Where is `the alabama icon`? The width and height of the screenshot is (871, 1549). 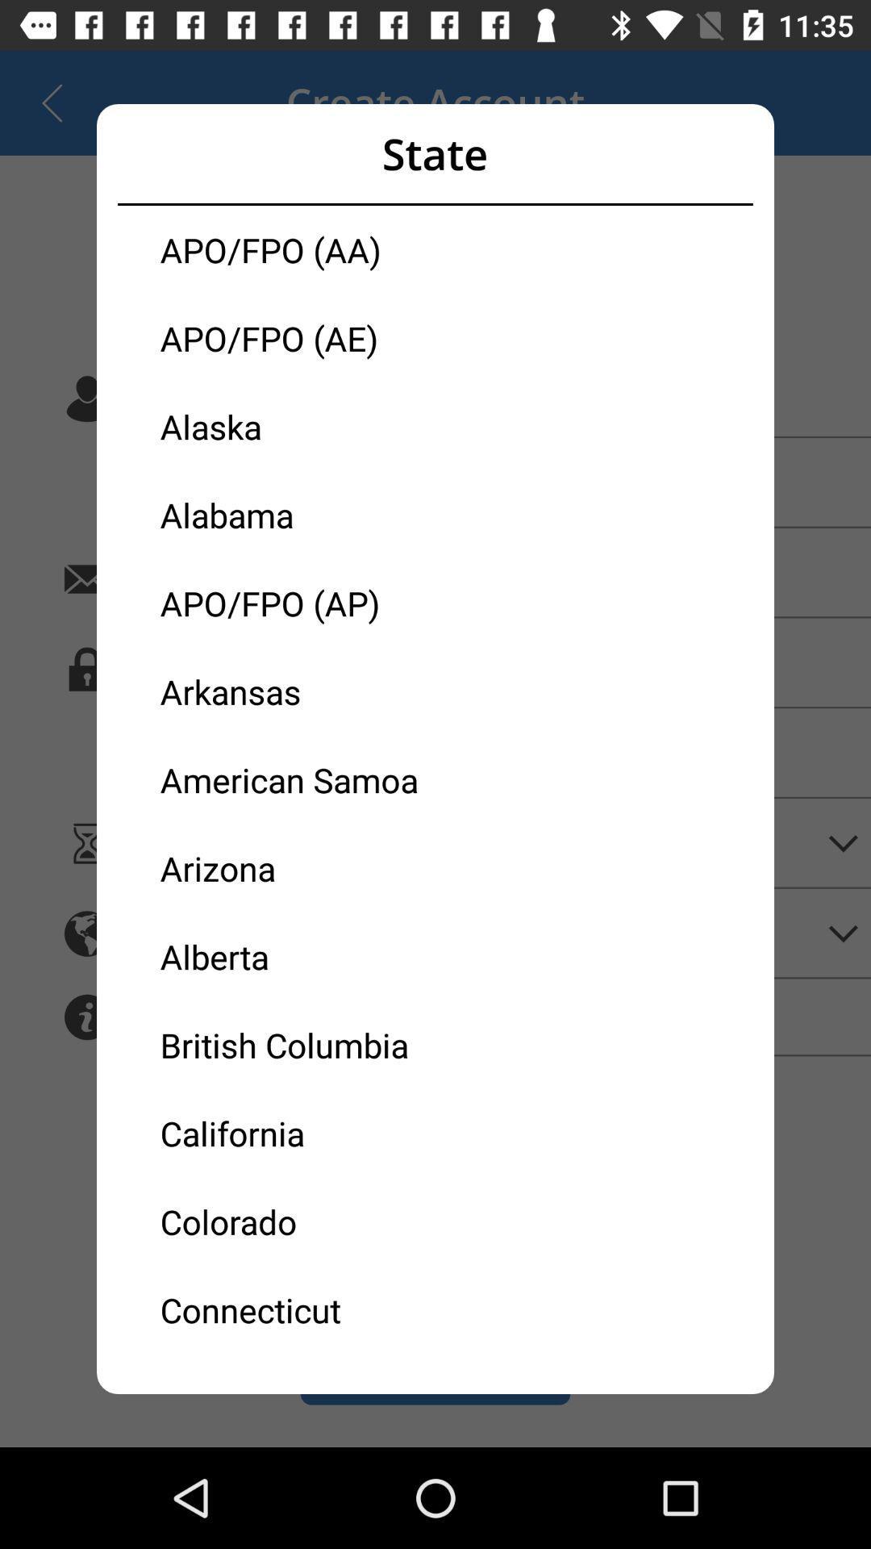
the alabama icon is located at coordinates (298, 514).